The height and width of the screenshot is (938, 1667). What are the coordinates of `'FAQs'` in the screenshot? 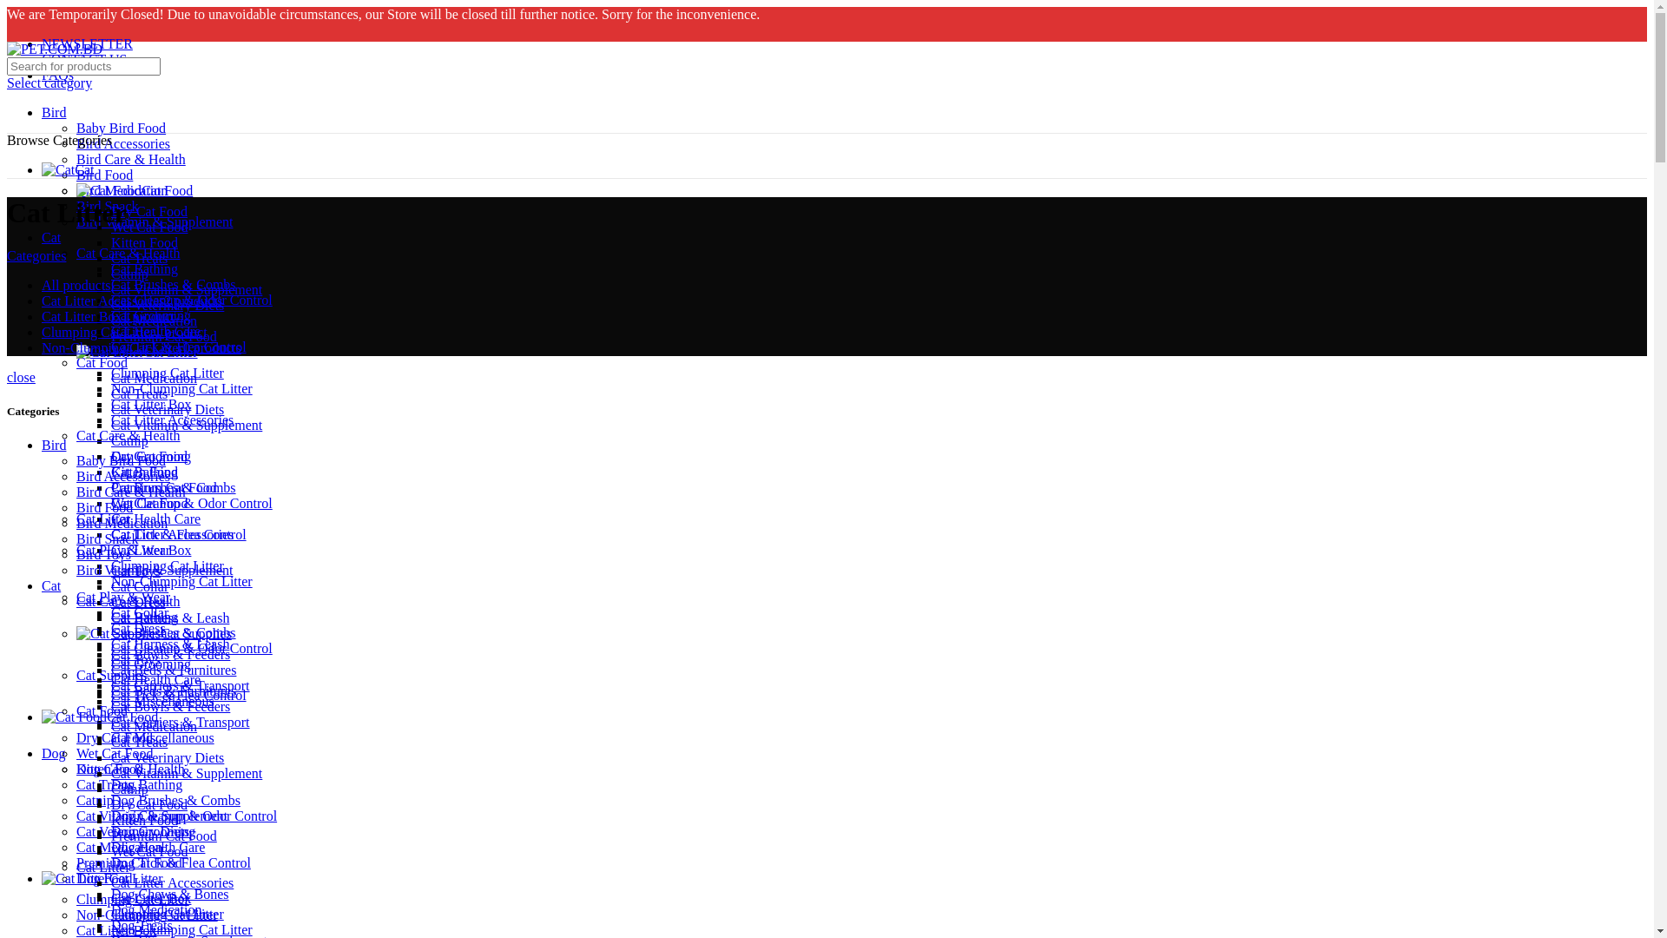 It's located at (57, 74).